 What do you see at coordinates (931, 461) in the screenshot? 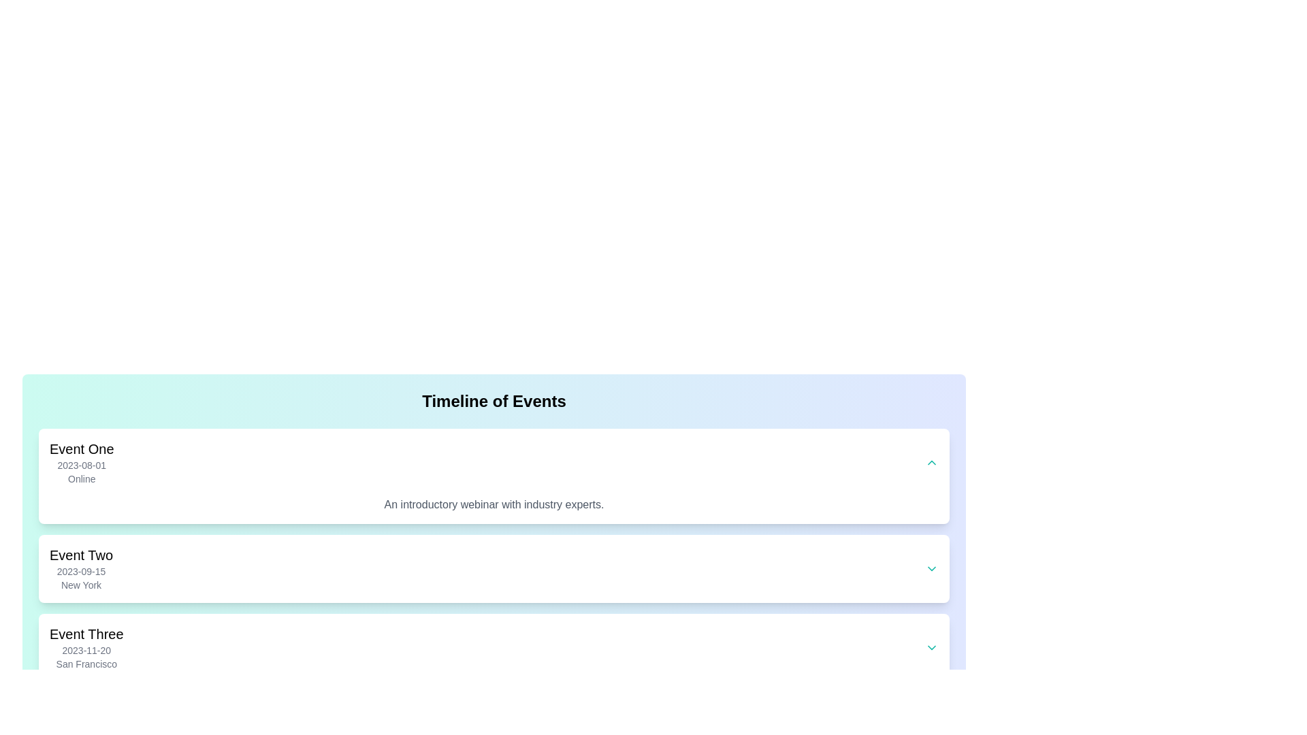
I see `the small triangular teal arrow icon pointing upwards located at the rightmost end of the 'Event One' row` at bounding box center [931, 461].